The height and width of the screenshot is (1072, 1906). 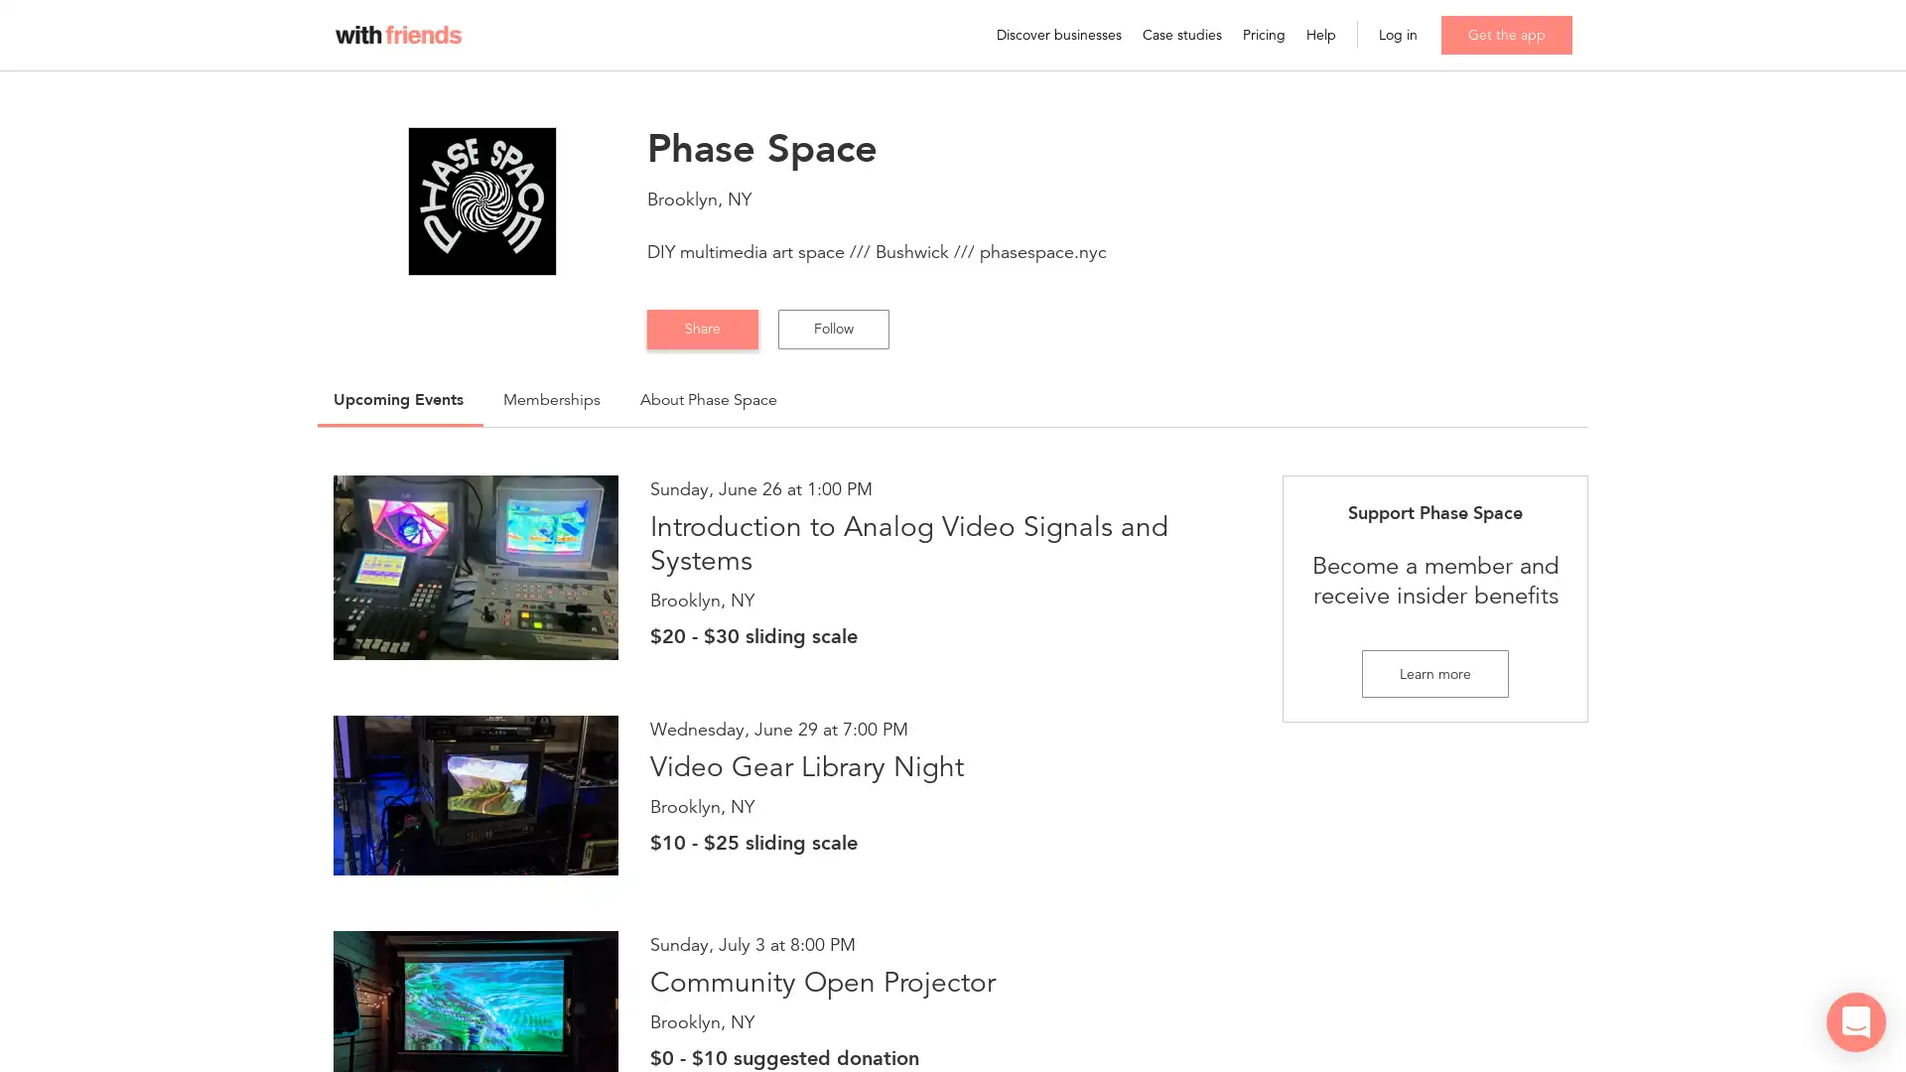 What do you see at coordinates (1855, 1021) in the screenshot?
I see `Open Intercom Messenger` at bounding box center [1855, 1021].